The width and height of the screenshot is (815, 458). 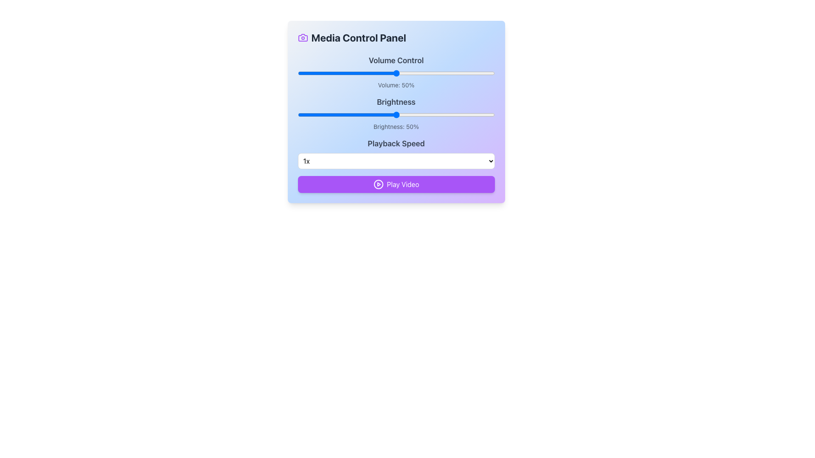 What do you see at coordinates (378, 184) in the screenshot?
I see `the circular play icon with a triangular arrow, which is centrally aligned inside the 'Play Video' button` at bounding box center [378, 184].